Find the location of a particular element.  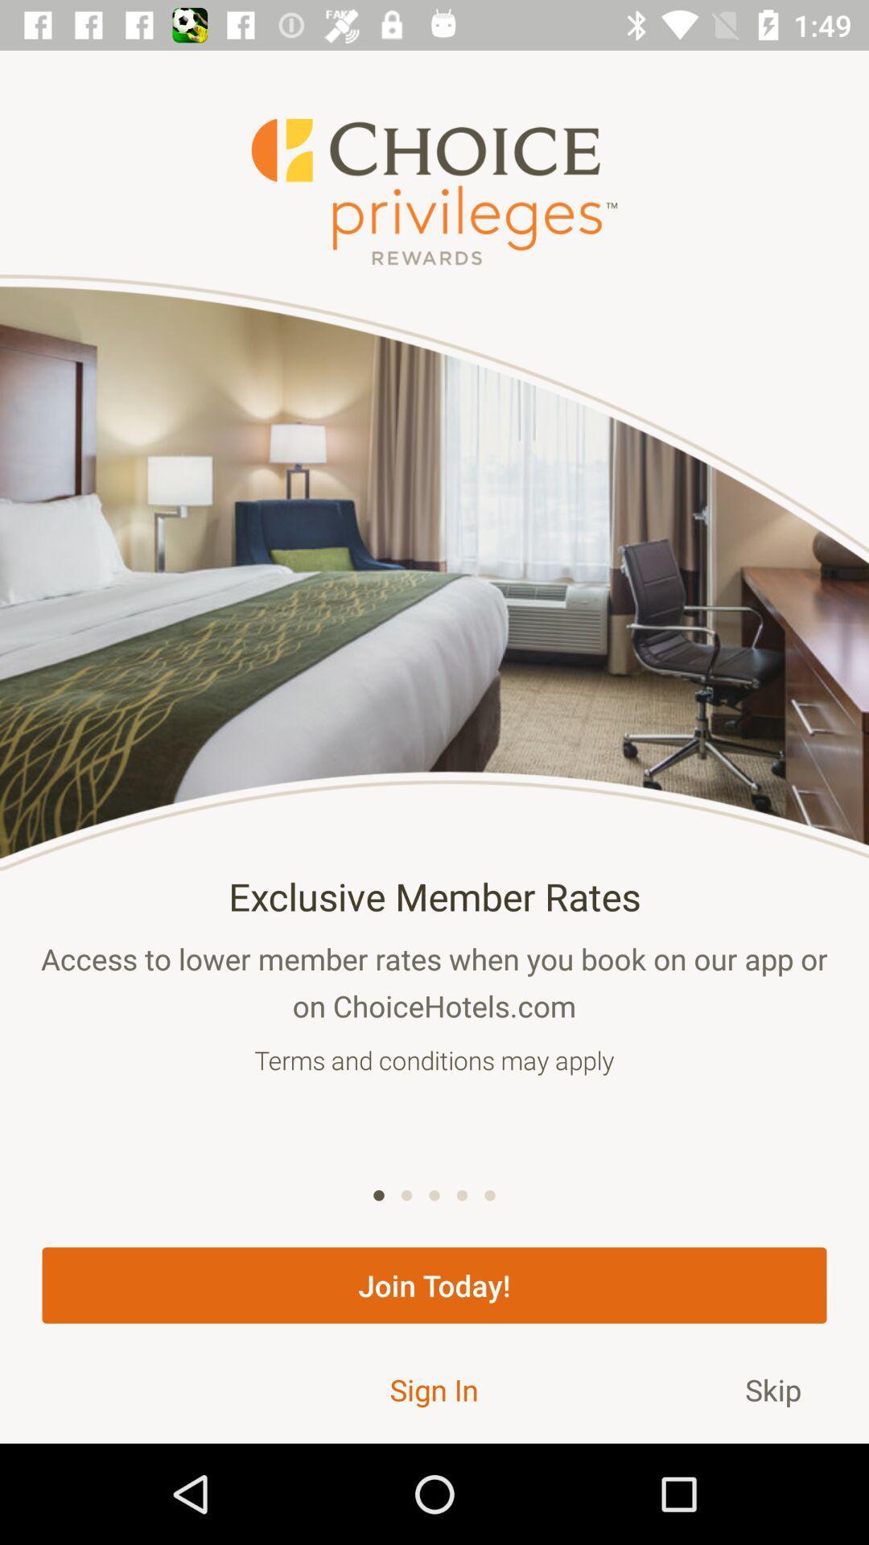

skip icon is located at coordinates (772, 1389).